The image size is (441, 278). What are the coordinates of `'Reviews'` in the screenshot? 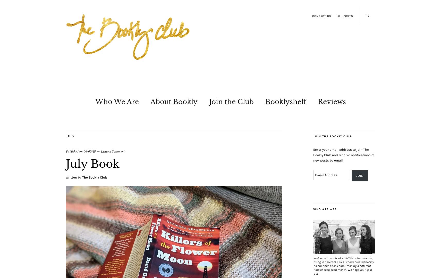 It's located at (331, 102).